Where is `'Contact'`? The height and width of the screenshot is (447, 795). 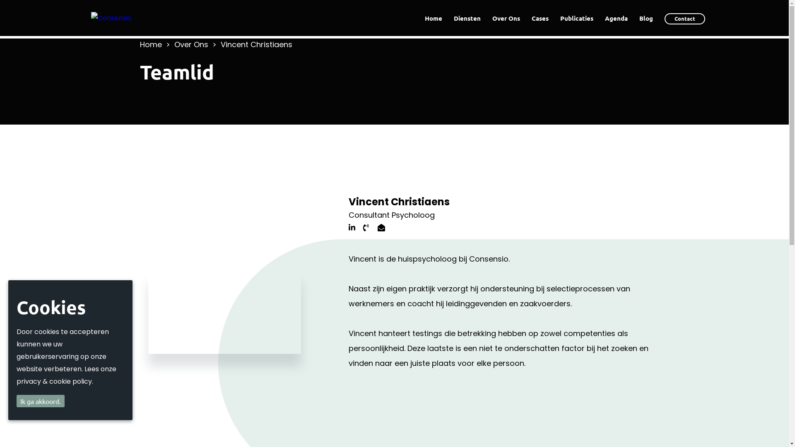
'Contact' is located at coordinates (685, 19).